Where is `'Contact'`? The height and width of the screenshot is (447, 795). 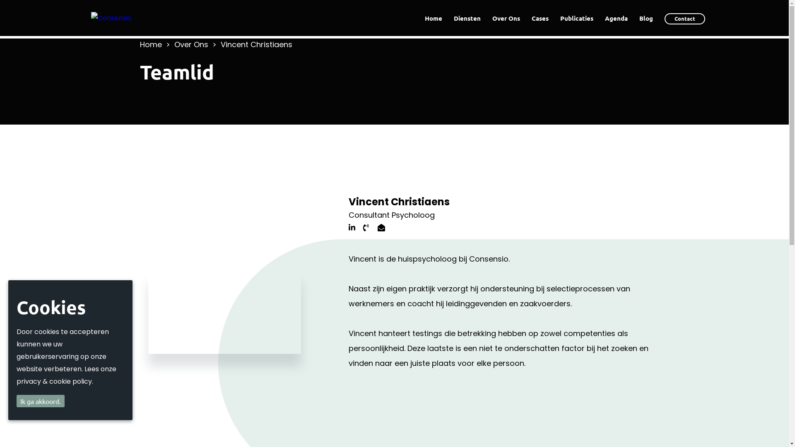
'Contact' is located at coordinates (685, 19).